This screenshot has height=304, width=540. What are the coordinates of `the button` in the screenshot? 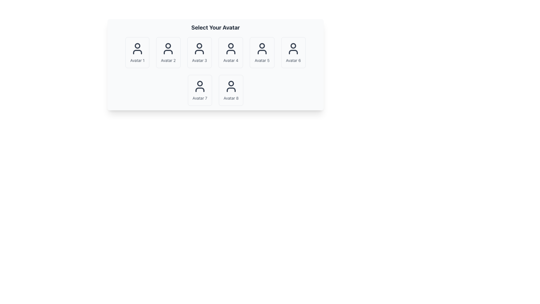 It's located at (168, 52).